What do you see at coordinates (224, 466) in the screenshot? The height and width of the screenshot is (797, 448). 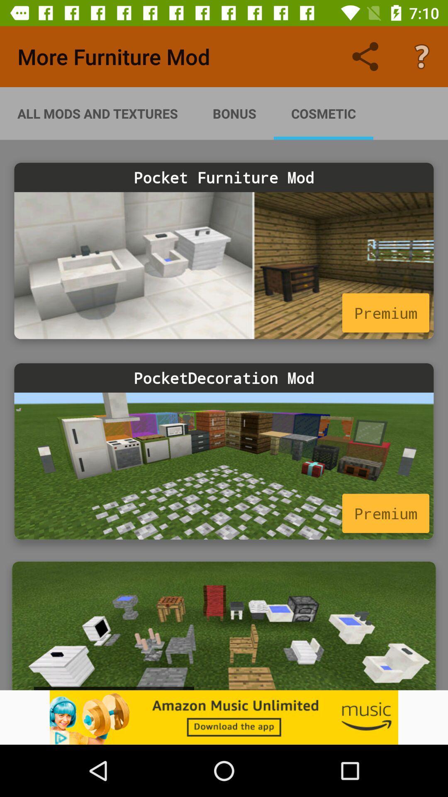 I see `more information` at bounding box center [224, 466].